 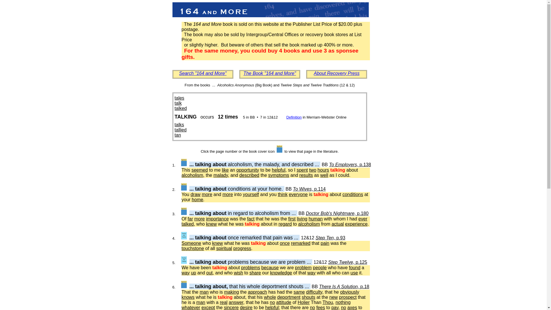 I want to click on 'talk', so click(x=178, y=103).